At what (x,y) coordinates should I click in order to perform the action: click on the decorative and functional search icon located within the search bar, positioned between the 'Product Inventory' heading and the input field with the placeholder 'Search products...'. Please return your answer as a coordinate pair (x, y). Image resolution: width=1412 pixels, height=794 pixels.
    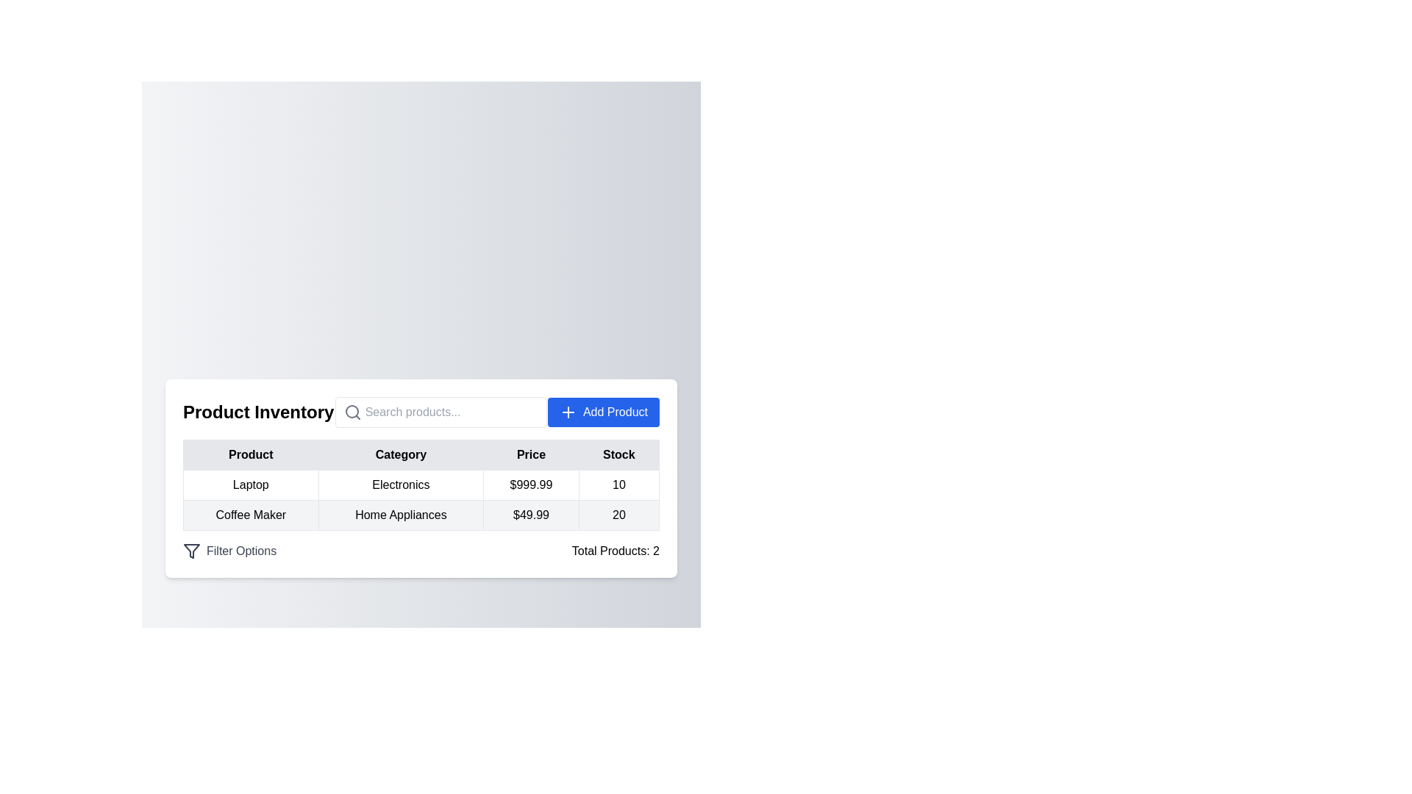
    Looking at the image, I should click on (352, 412).